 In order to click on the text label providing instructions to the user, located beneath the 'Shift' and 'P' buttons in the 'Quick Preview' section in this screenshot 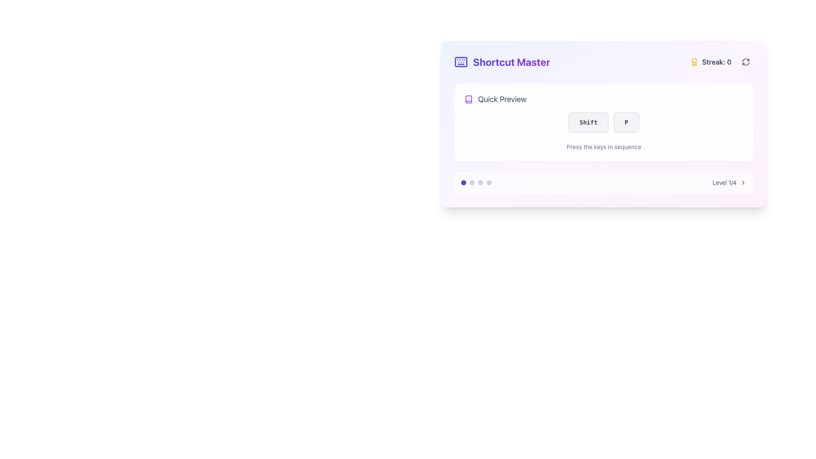, I will do `click(603, 147)`.